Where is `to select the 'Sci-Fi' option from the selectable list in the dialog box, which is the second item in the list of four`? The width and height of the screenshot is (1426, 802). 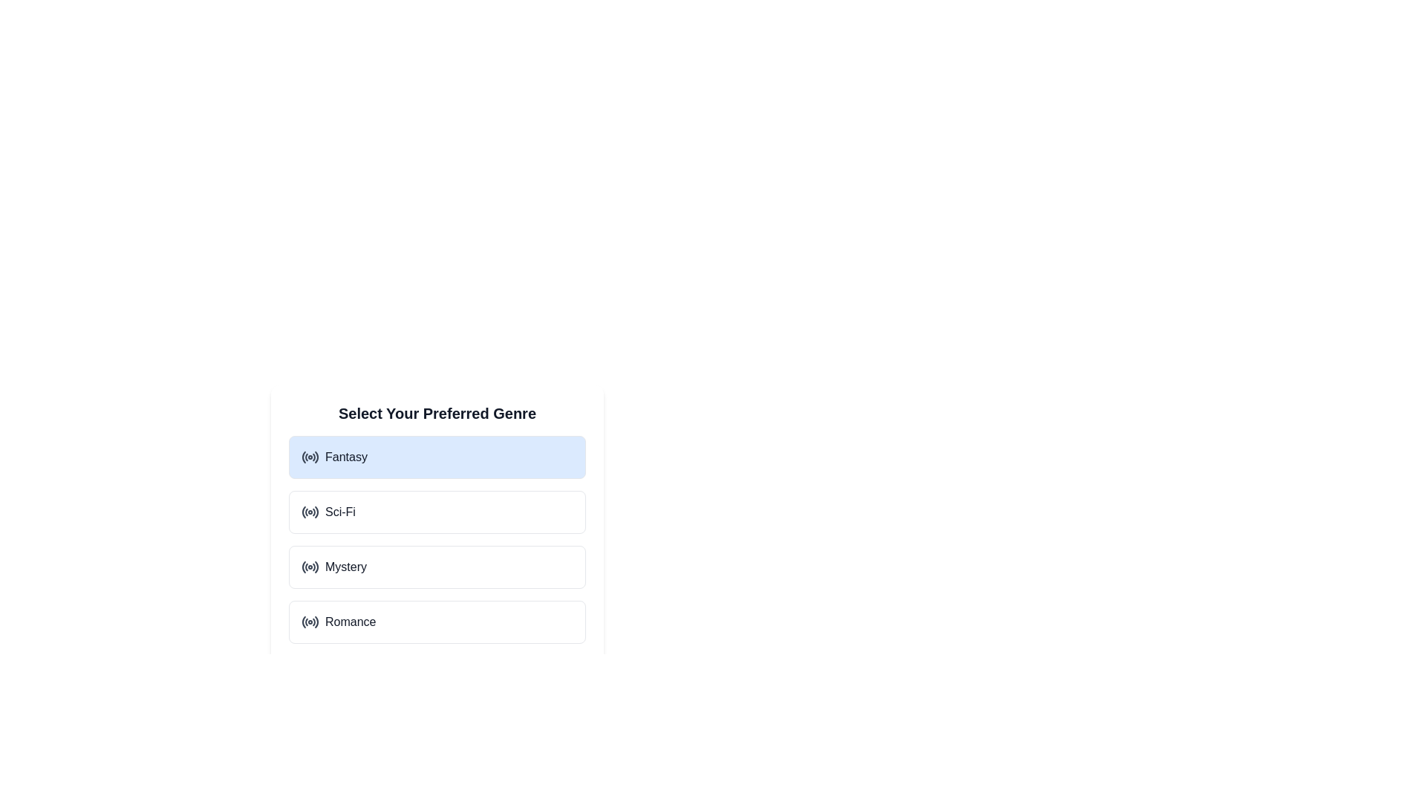
to select the 'Sci-Fi' option from the selectable list in the dialog box, which is the second item in the list of four is located at coordinates (437, 509).